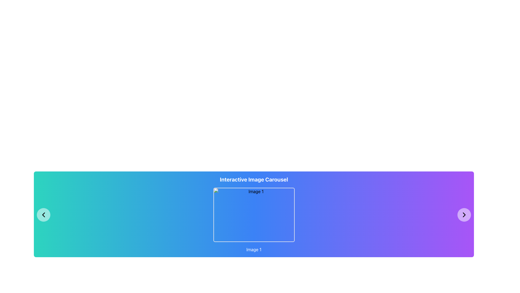 This screenshot has width=520, height=293. What do you see at coordinates (464, 214) in the screenshot?
I see `the circular navigation button with a black right-angled chevron icon` at bounding box center [464, 214].